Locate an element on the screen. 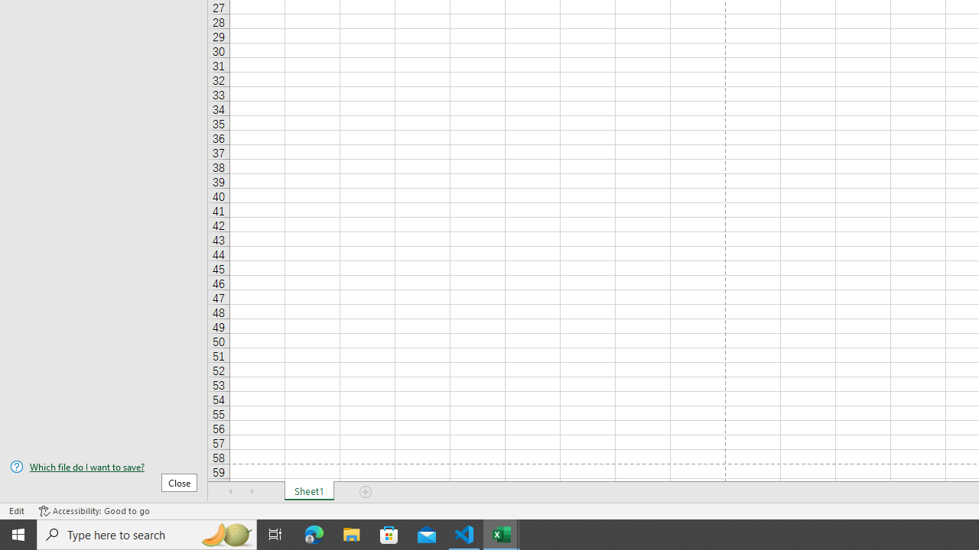  'Close' is located at coordinates (179, 482).